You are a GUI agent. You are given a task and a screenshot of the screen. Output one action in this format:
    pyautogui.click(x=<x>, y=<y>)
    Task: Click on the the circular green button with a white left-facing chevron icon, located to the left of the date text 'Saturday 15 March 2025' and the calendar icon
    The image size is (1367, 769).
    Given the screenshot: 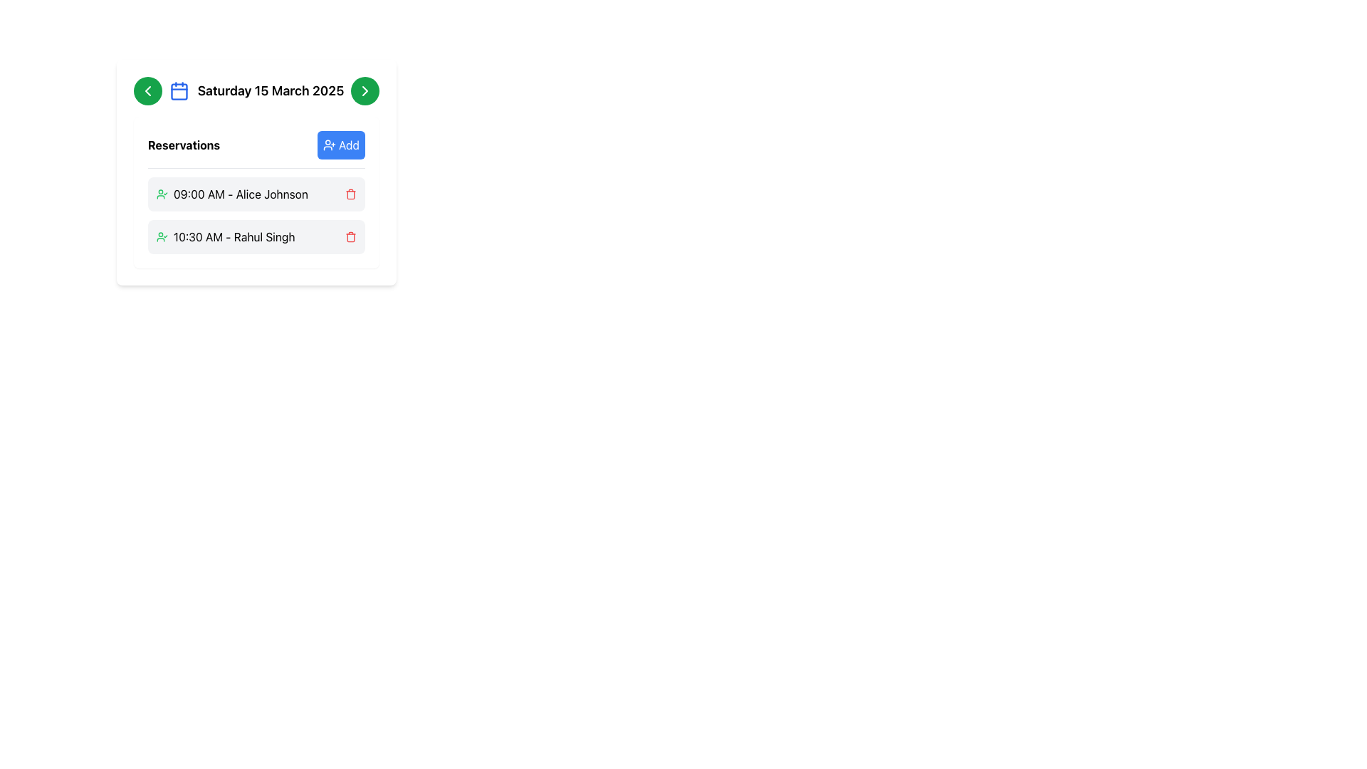 What is the action you would take?
    pyautogui.click(x=147, y=90)
    